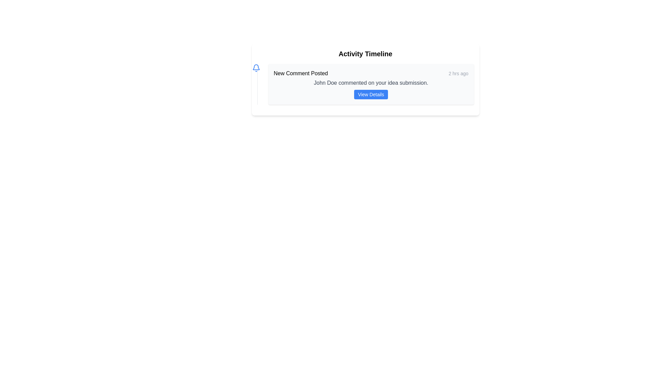  Describe the element at coordinates (256, 68) in the screenshot. I see `notification icon indicating a new comment posted, located on the left side of the timeline entry block in the 'Activity Timeline' section` at that location.